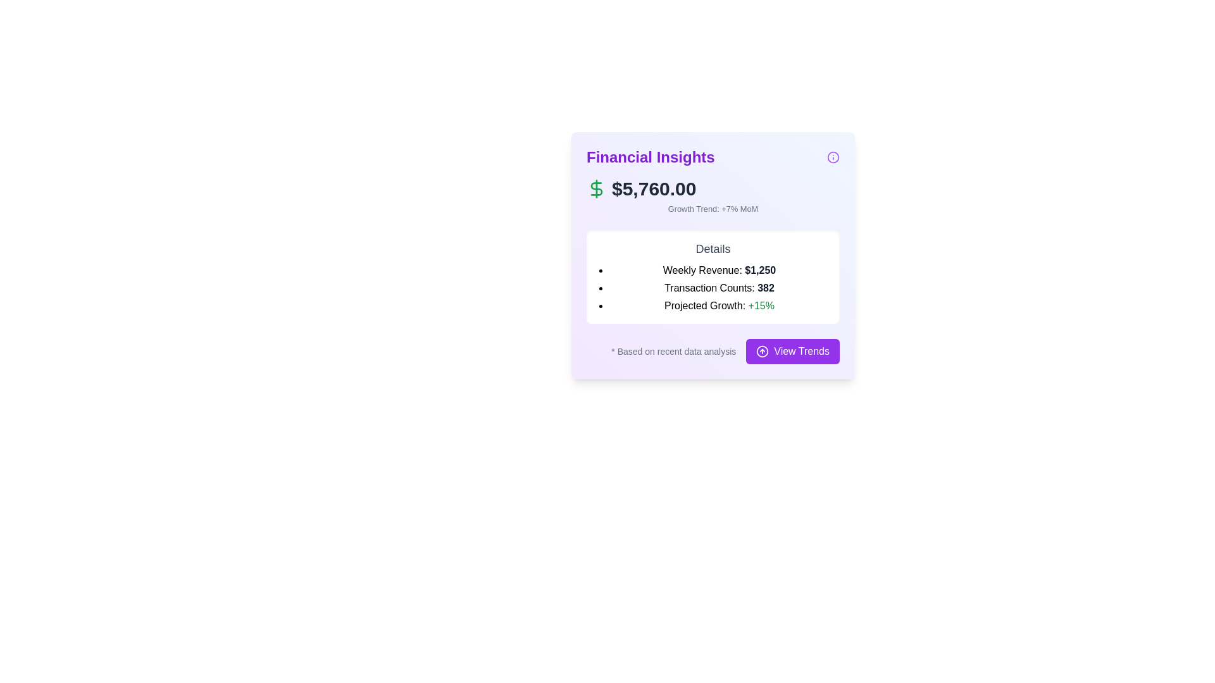 The image size is (1215, 683). I want to click on the section title Text Label that provides a heading for the list of financial information, positioned at the top of the white, rounded box containing financial details, so click(713, 249).